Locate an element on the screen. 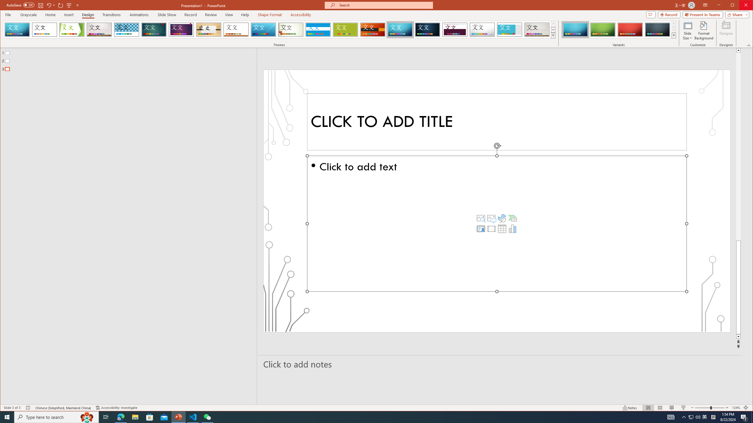  'Q2790: 100%' is located at coordinates (698, 417).